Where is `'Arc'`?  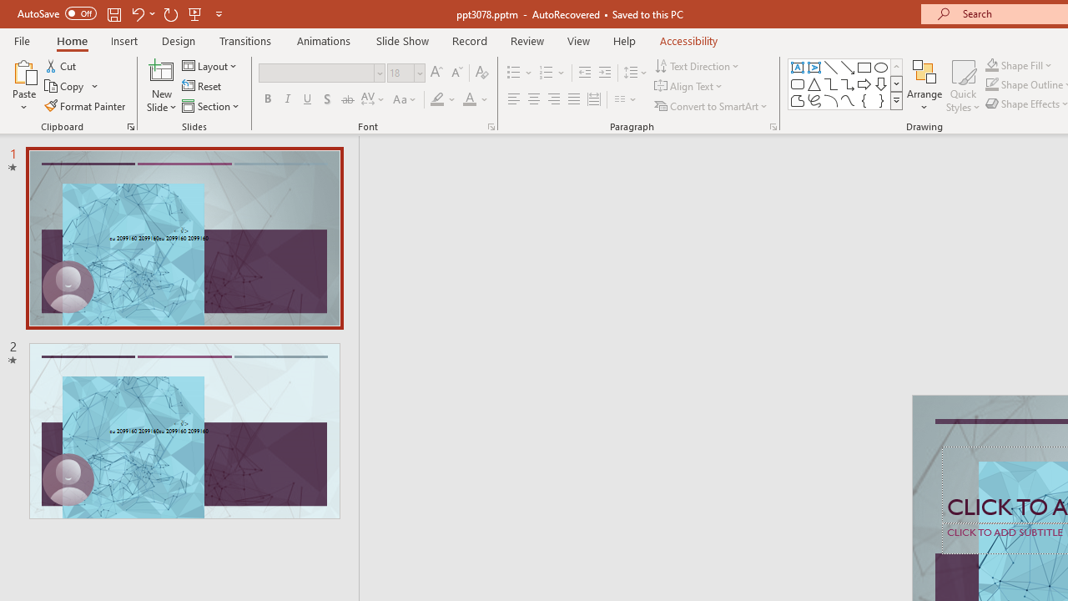 'Arc' is located at coordinates (830, 100).